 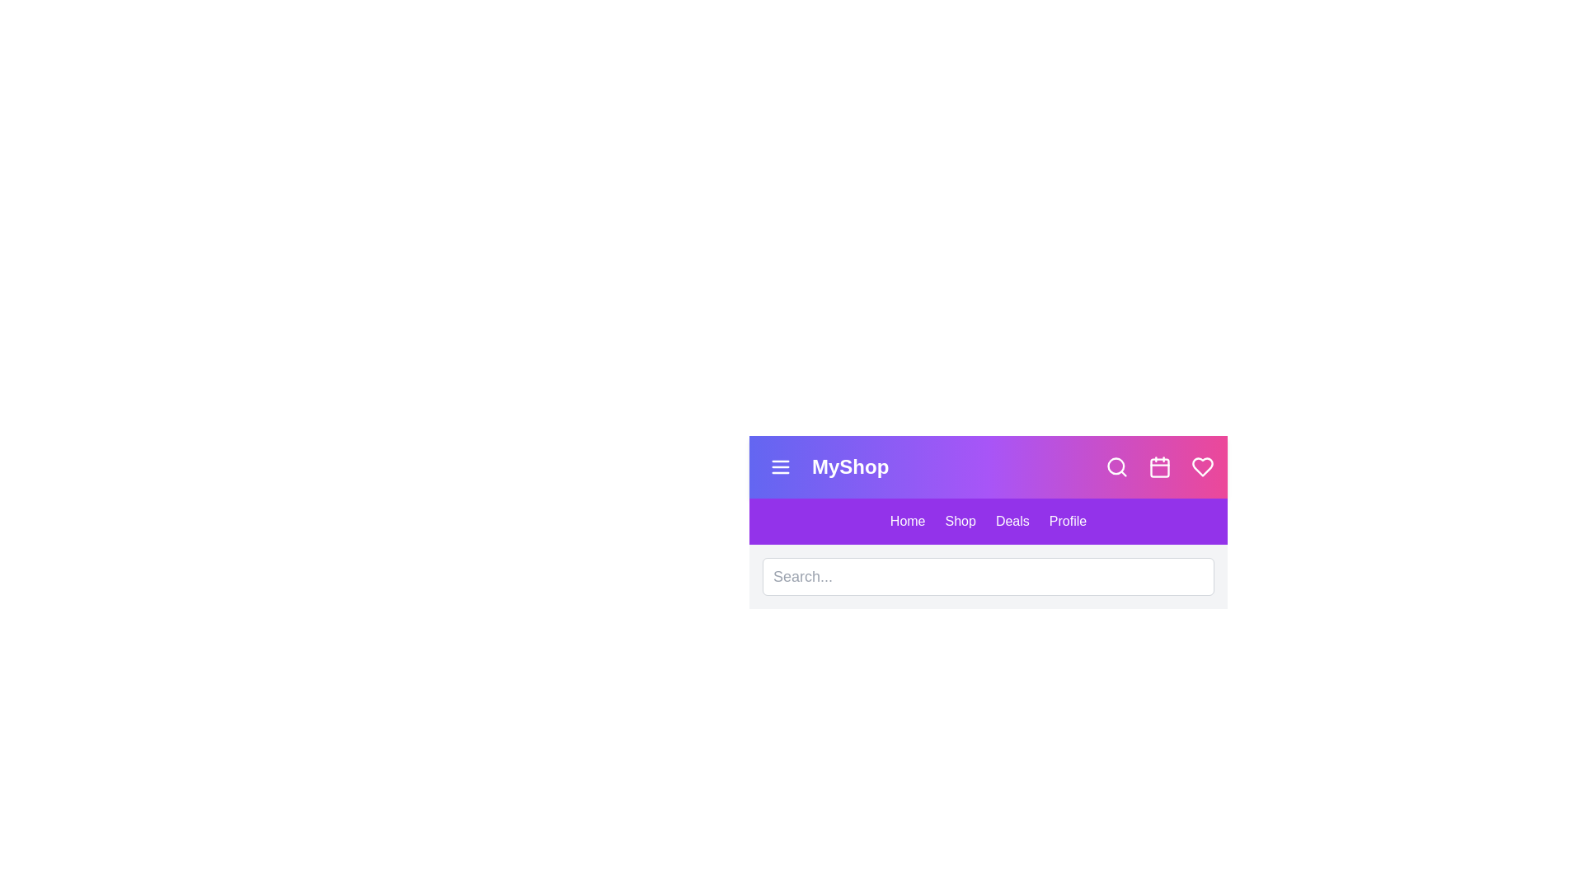 What do you see at coordinates (989, 575) in the screenshot?
I see `the search bar and type the text 'example search'` at bounding box center [989, 575].